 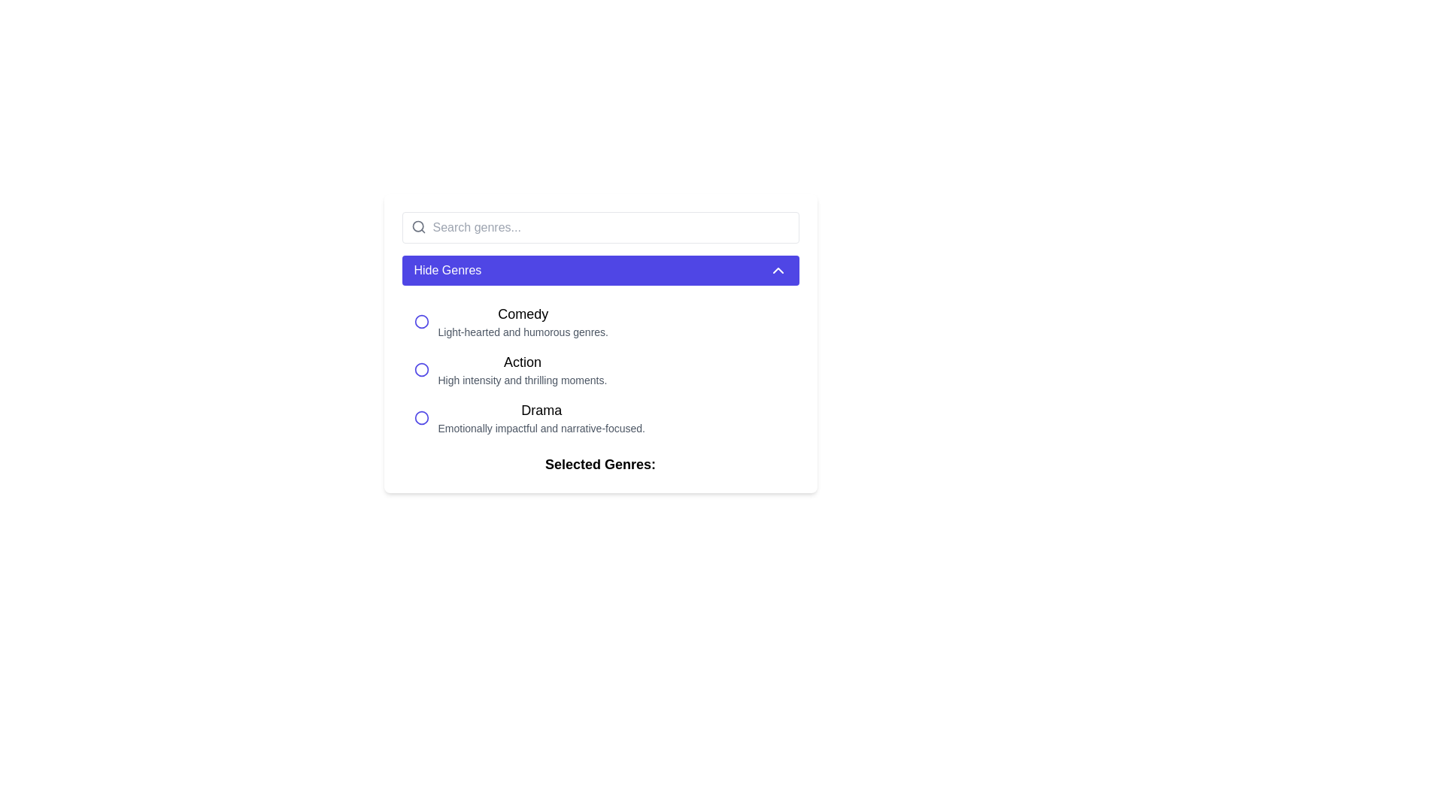 I want to click on the radio button option labeled 'Action' in the selectable items list, so click(x=599, y=370).